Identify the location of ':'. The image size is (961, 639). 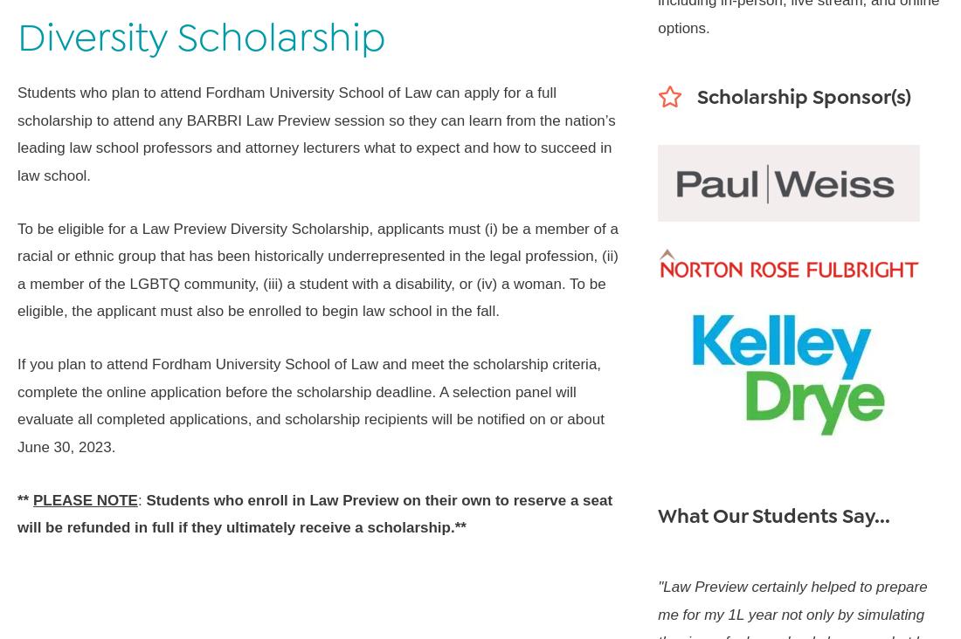
(141, 498).